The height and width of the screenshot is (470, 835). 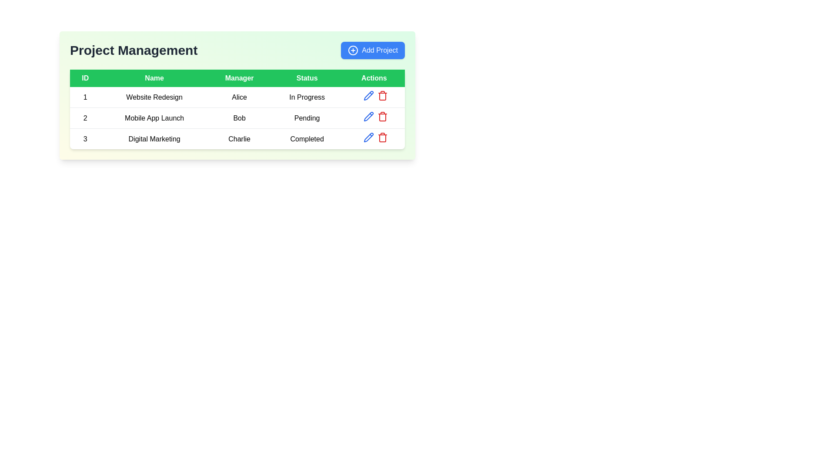 What do you see at coordinates (369, 116) in the screenshot?
I see `the blue pencil icon button located in the rightmost cell of the second row of the 'Mobile App Launch' project table` at bounding box center [369, 116].